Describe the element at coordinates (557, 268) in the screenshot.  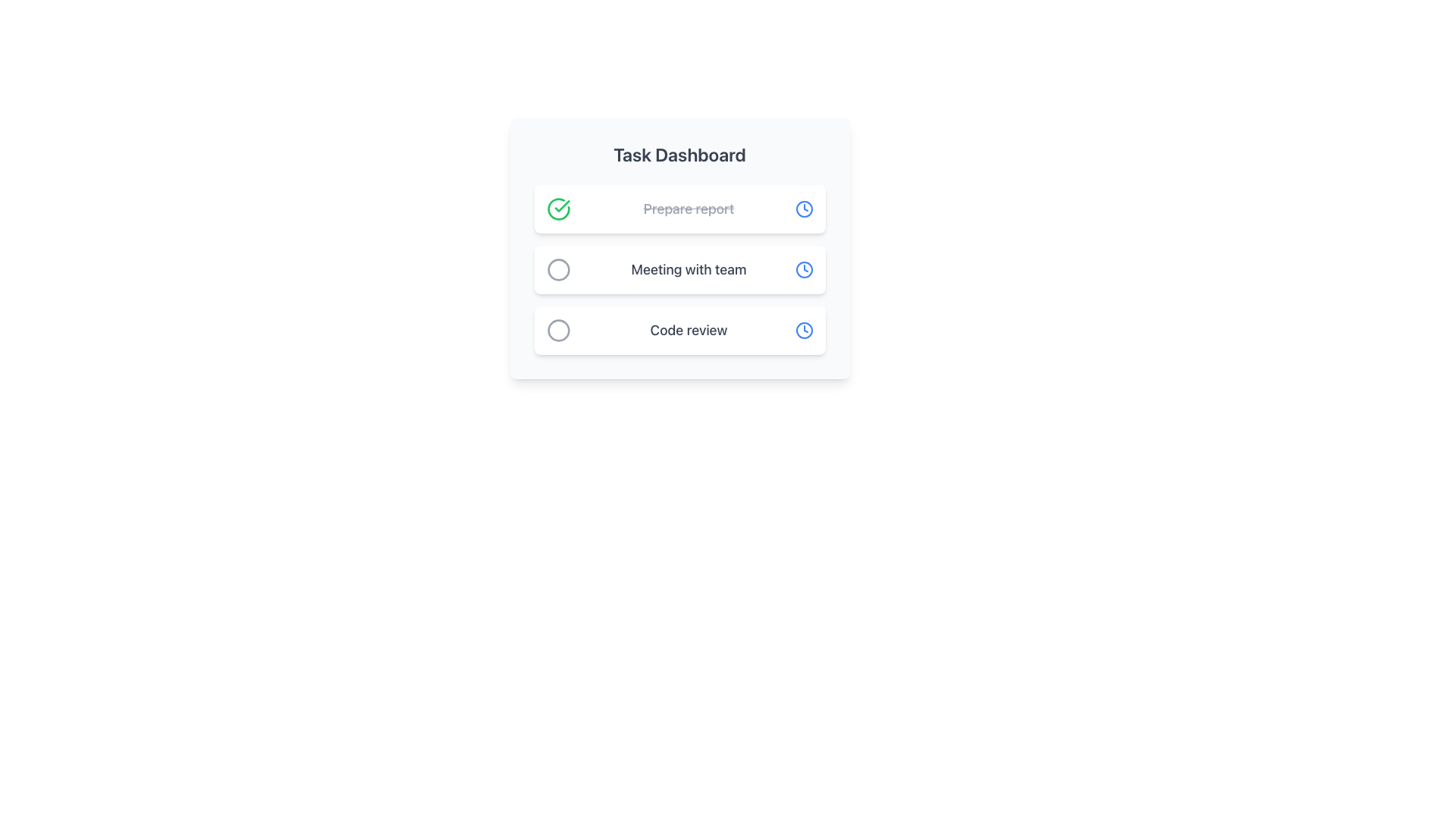
I see `the circular checkbox or status indicator on the left side of the 'Meeting with team' task item to change its state` at that location.